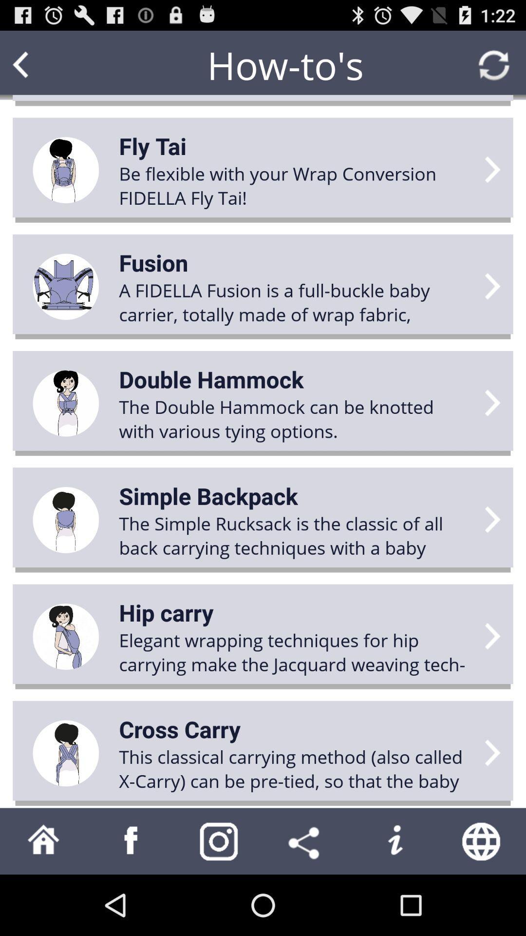 This screenshot has height=936, width=526. I want to click on item below the double hammock app, so click(208, 496).